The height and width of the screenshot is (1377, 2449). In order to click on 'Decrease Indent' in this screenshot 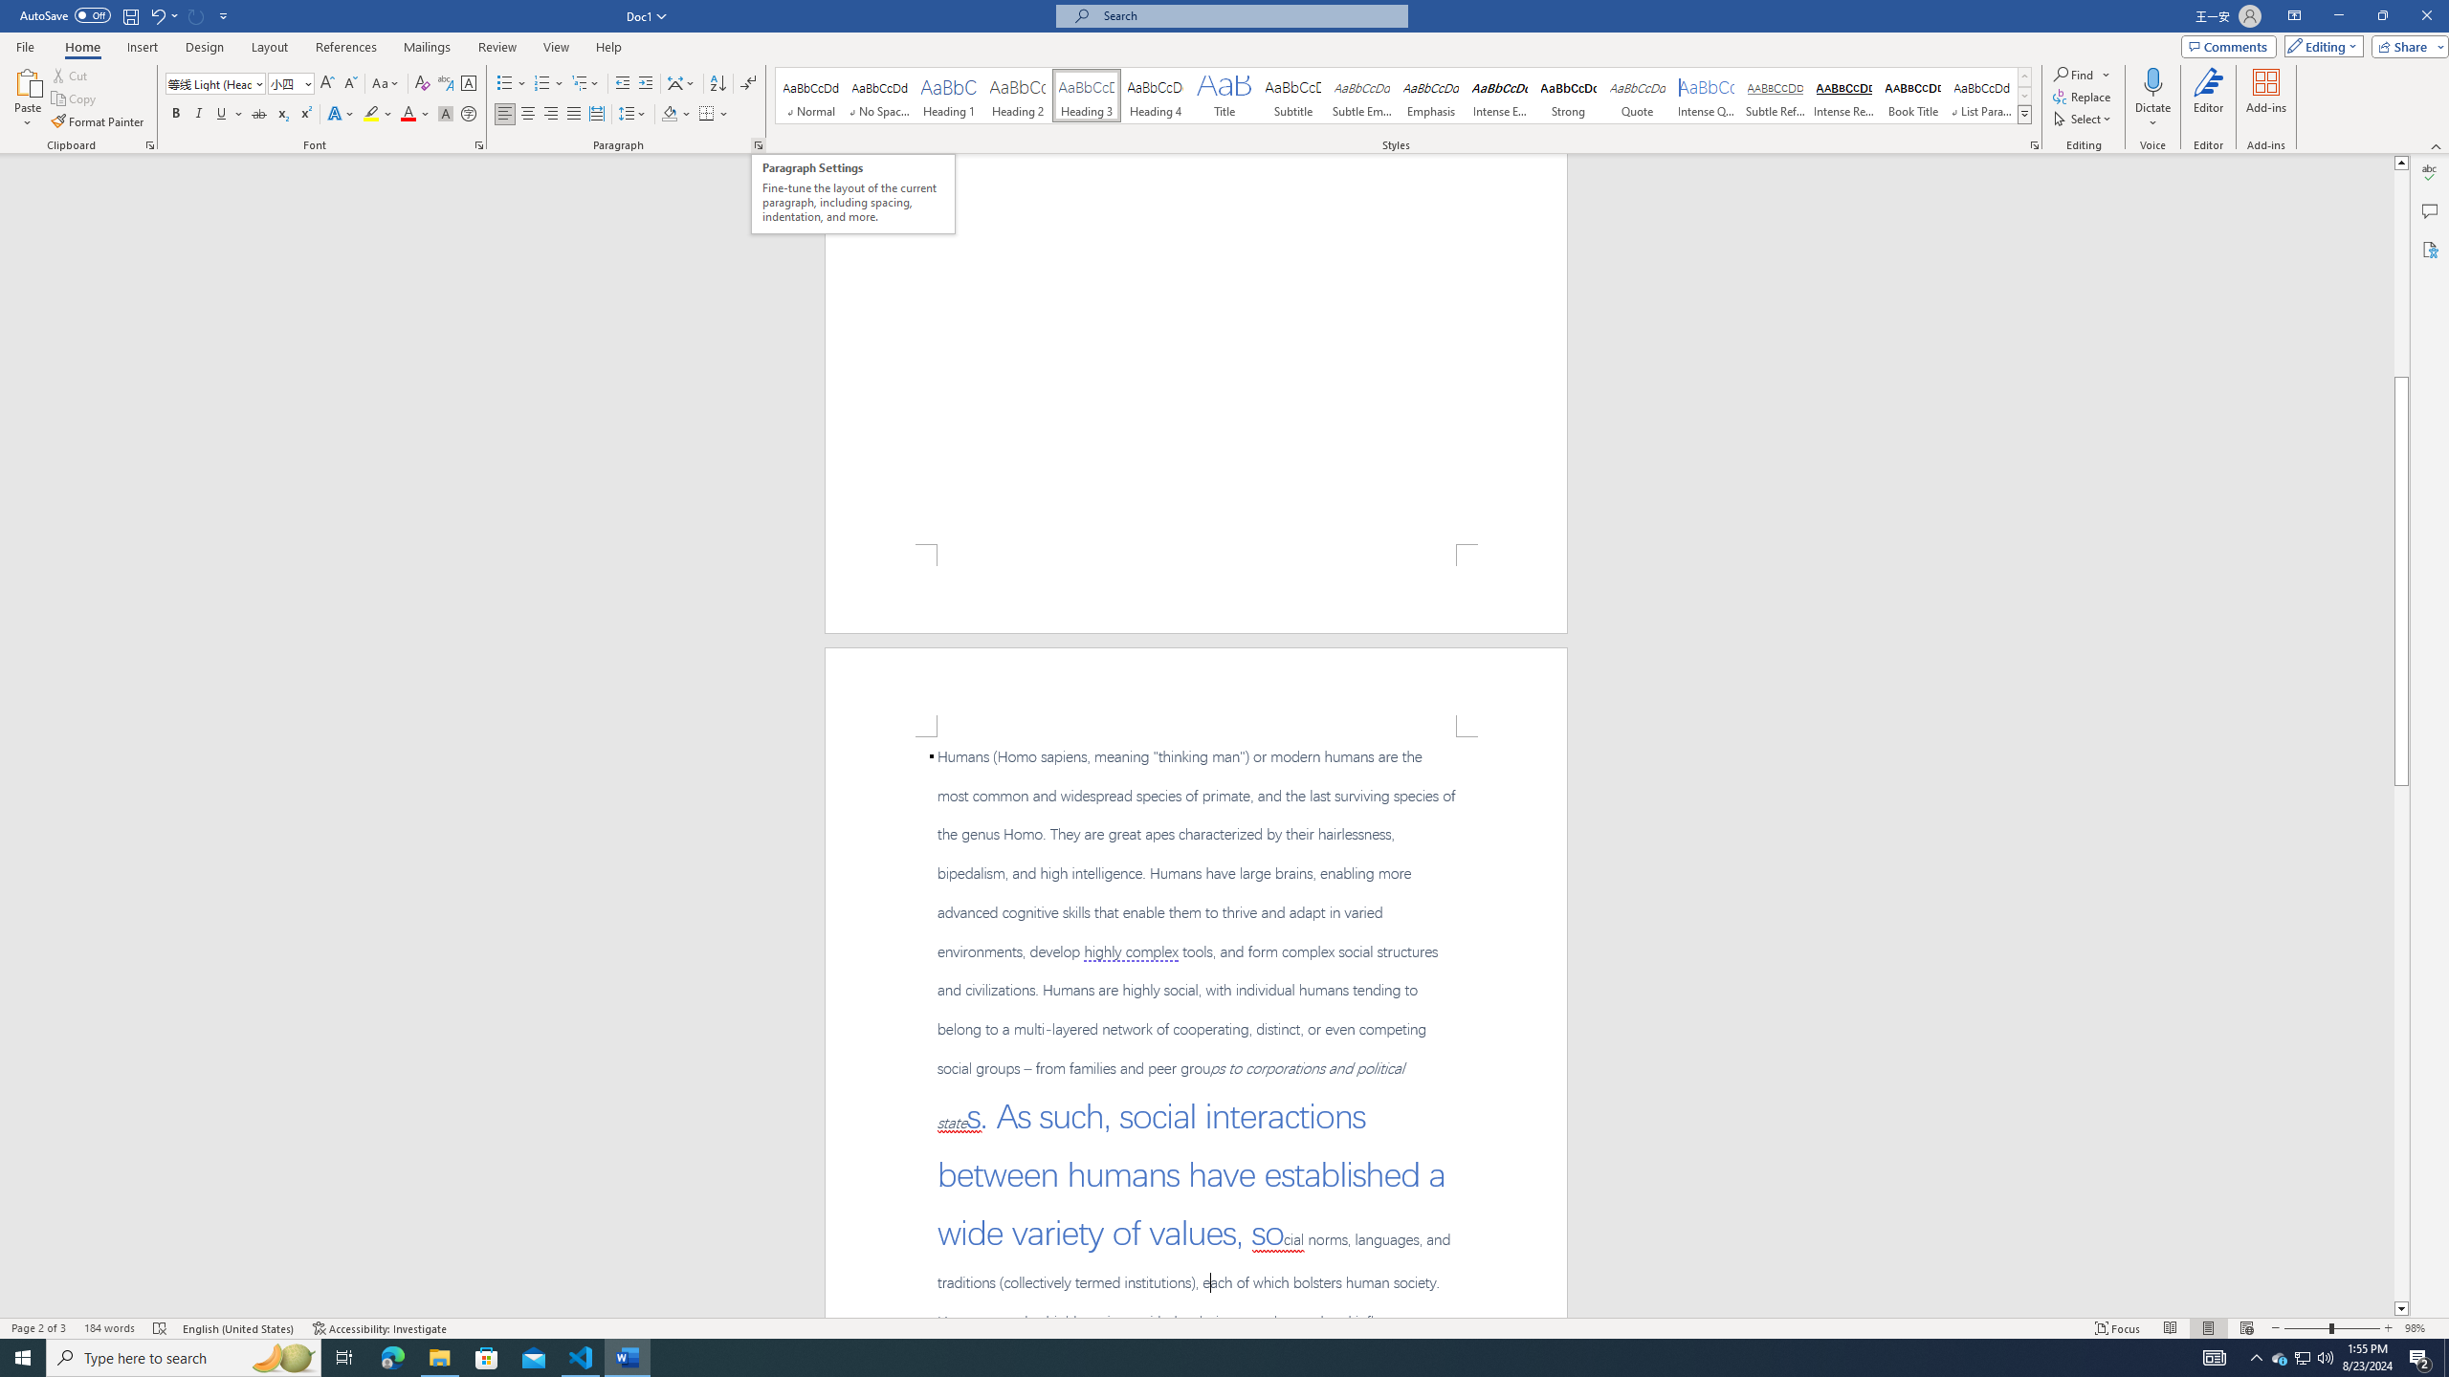, I will do `click(623, 83)`.